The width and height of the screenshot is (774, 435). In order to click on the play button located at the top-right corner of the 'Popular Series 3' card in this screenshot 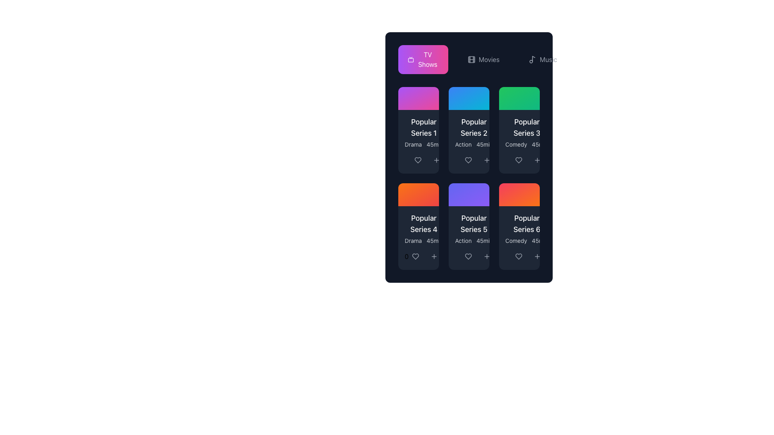, I will do `click(519, 98)`.